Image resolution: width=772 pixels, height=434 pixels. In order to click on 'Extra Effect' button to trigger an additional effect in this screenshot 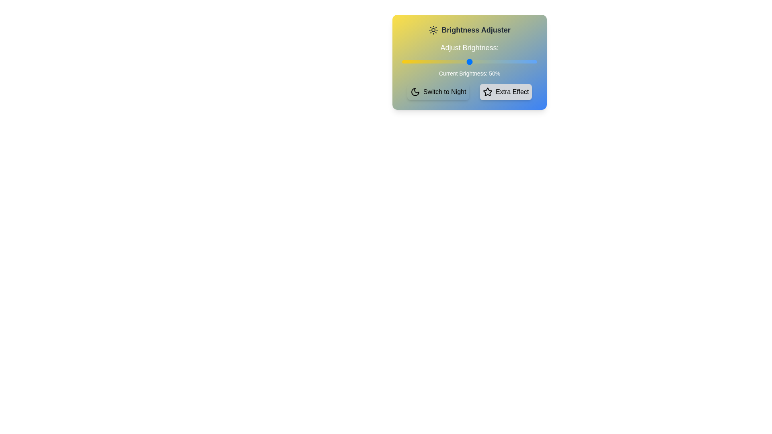, I will do `click(505, 91)`.